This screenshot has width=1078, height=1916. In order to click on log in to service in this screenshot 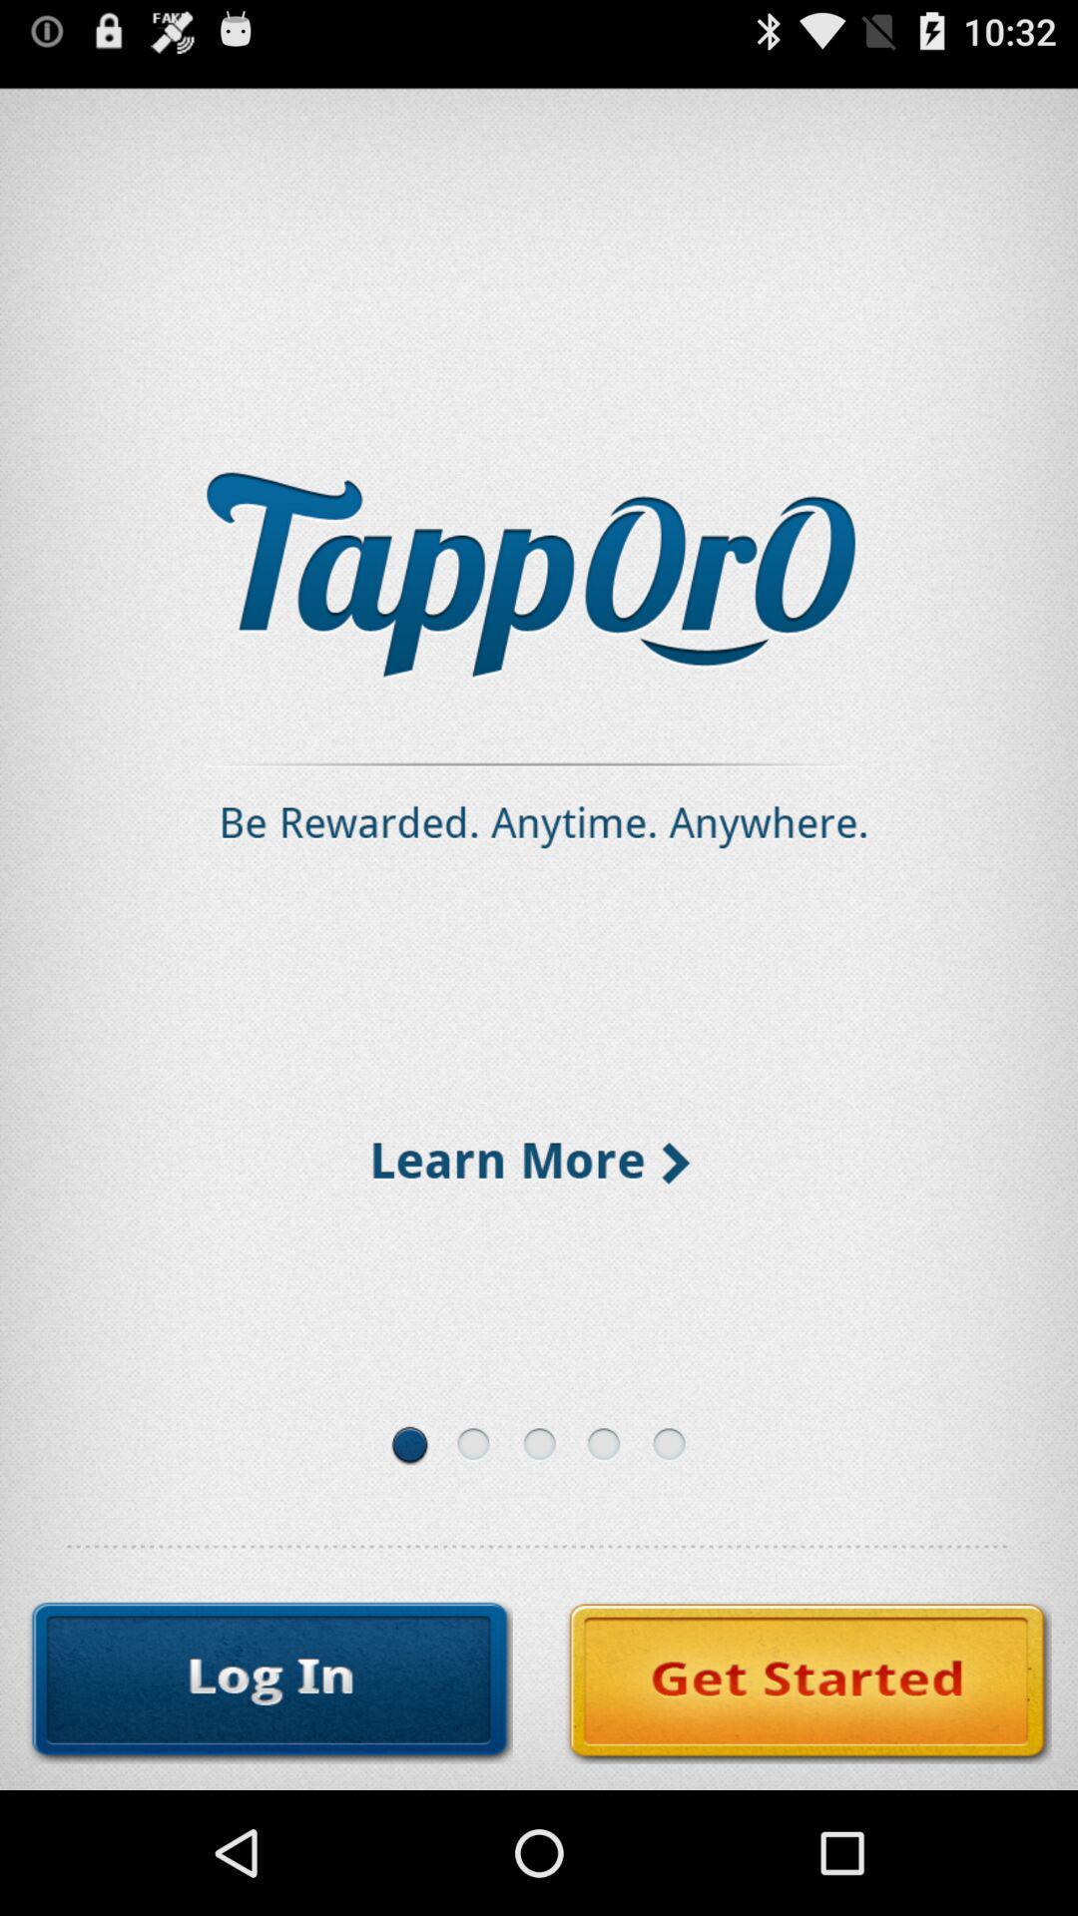, I will do `click(269, 1681)`.